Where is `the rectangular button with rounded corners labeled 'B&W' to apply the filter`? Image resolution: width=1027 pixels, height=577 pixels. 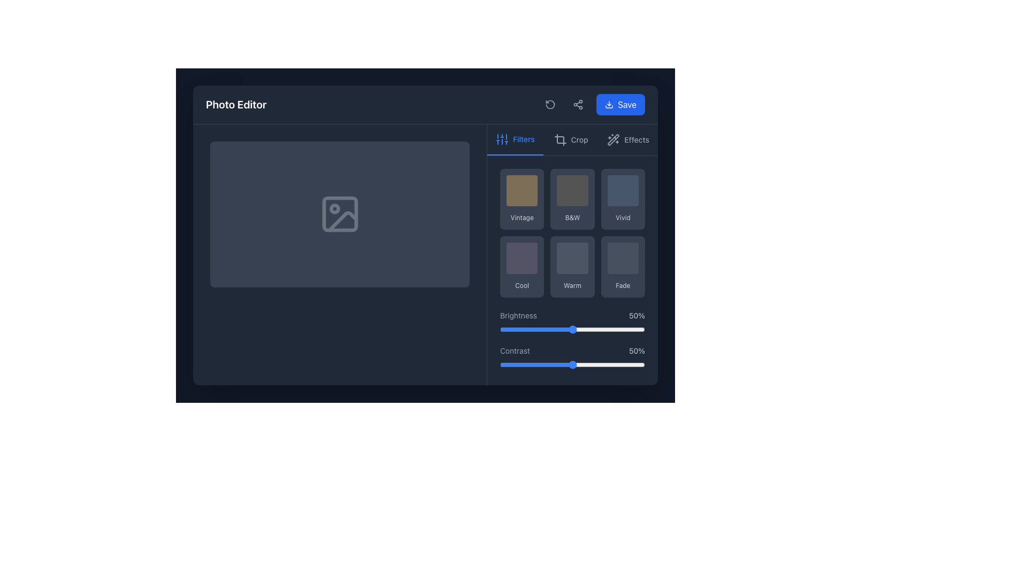 the rectangular button with rounded corners labeled 'B&W' to apply the filter is located at coordinates (572, 199).